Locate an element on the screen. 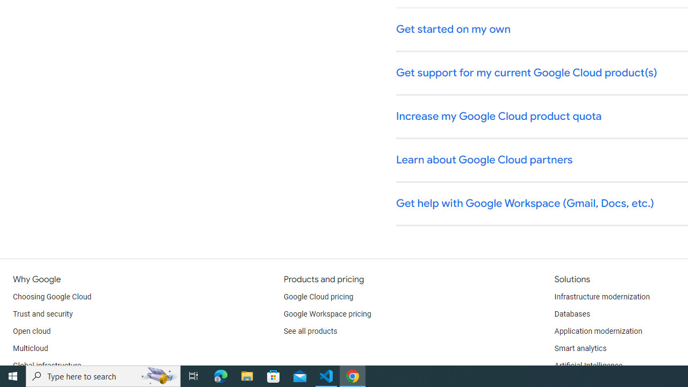  'Smart analytics' is located at coordinates (579, 349).